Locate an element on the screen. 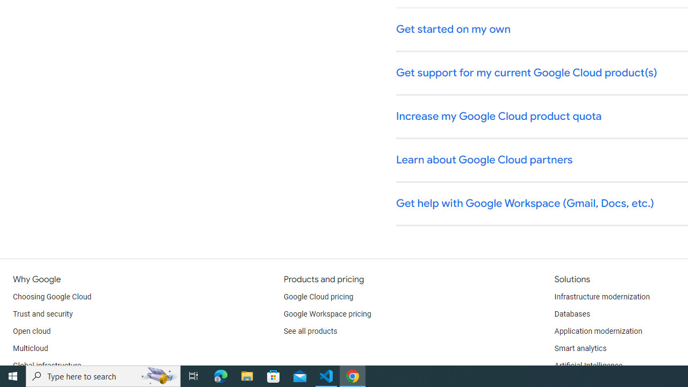  'Smart analytics' is located at coordinates (579, 349).